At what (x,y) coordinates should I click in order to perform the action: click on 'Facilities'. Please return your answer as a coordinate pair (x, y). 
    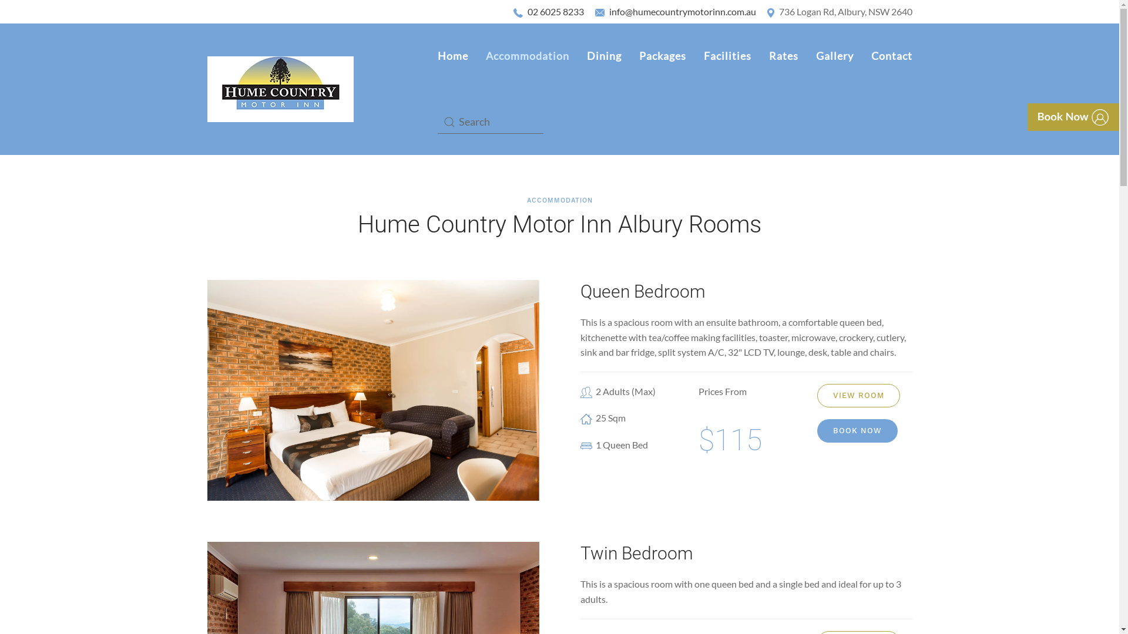
    Looking at the image, I should click on (694, 56).